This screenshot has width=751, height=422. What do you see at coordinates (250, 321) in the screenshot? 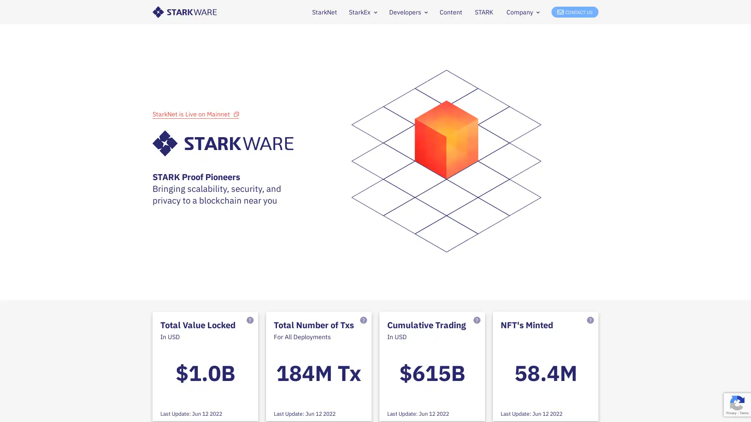
I see `Toggle tooltip` at bounding box center [250, 321].